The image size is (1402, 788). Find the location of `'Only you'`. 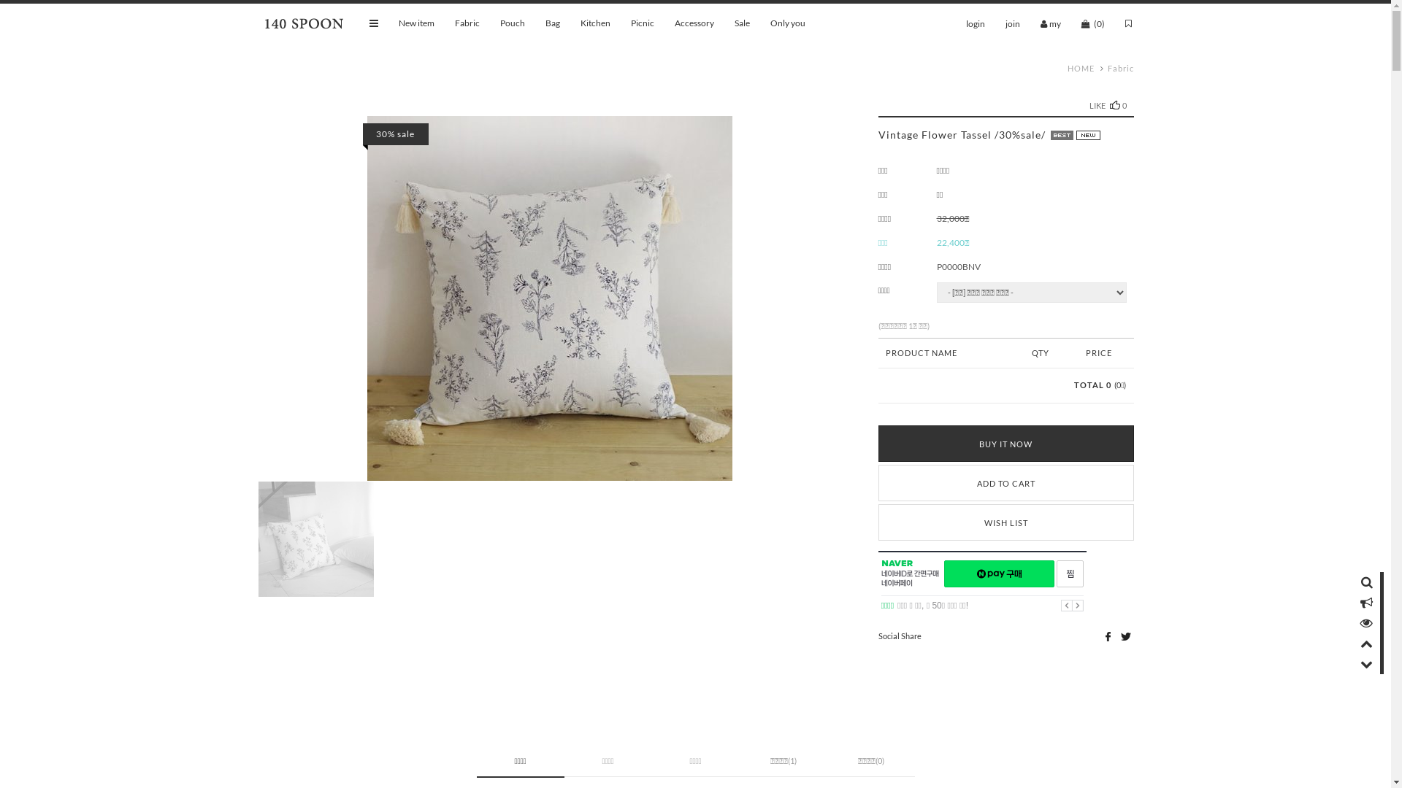

'Only you' is located at coordinates (769, 23).